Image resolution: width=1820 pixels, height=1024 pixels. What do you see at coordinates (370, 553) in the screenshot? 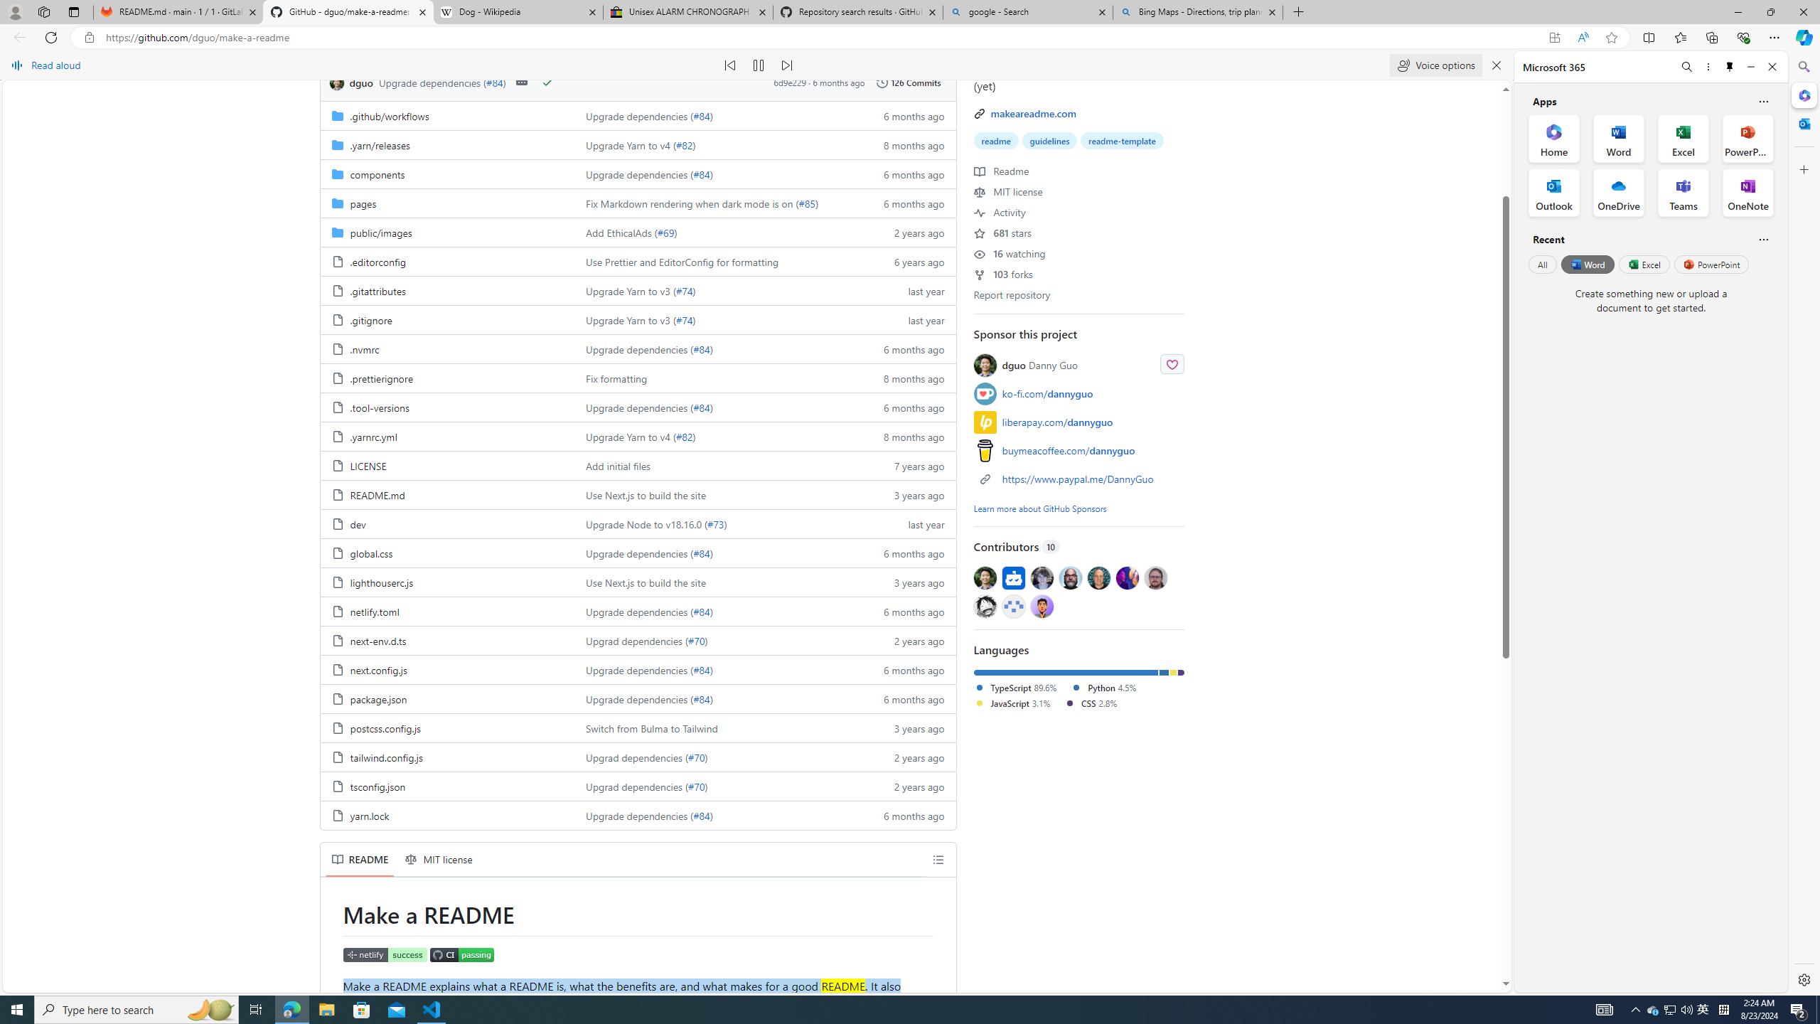
I see `'global.css, (File)'` at bounding box center [370, 553].